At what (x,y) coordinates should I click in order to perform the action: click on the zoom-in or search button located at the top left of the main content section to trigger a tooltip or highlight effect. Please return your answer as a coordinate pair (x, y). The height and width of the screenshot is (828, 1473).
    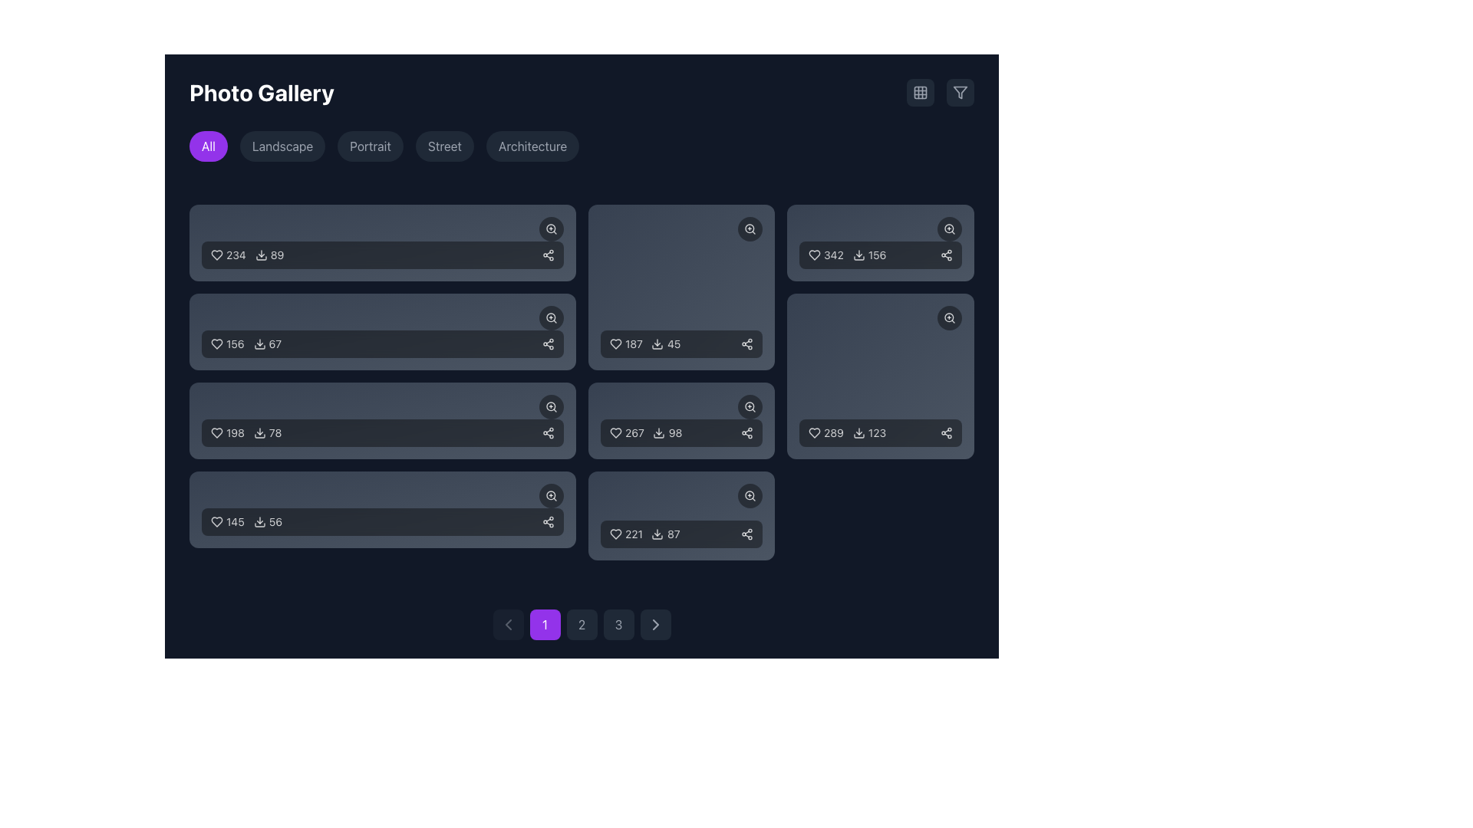
    Looking at the image, I should click on (382, 229).